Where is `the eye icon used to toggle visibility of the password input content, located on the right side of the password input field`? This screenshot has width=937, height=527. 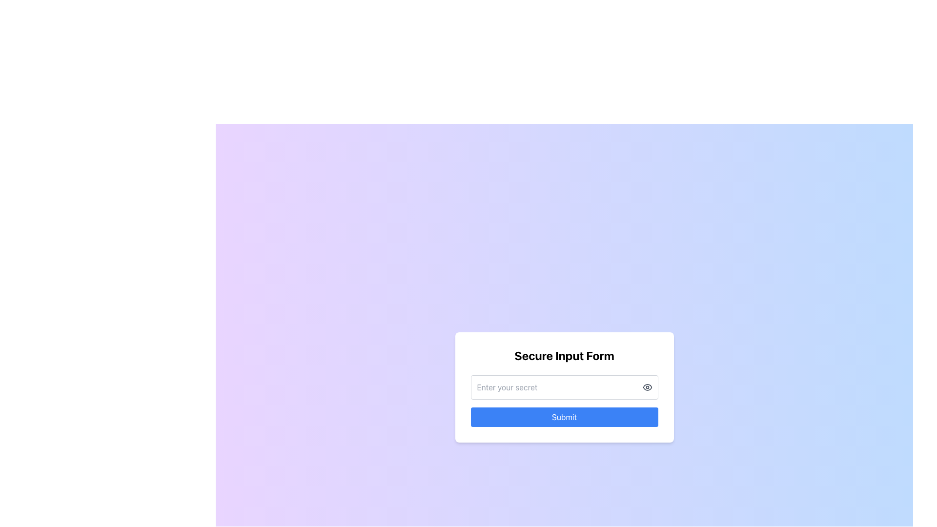 the eye icon used to toggle visibility of the password input content, located on the right side of the password input field is located at coordinates (647, 387).